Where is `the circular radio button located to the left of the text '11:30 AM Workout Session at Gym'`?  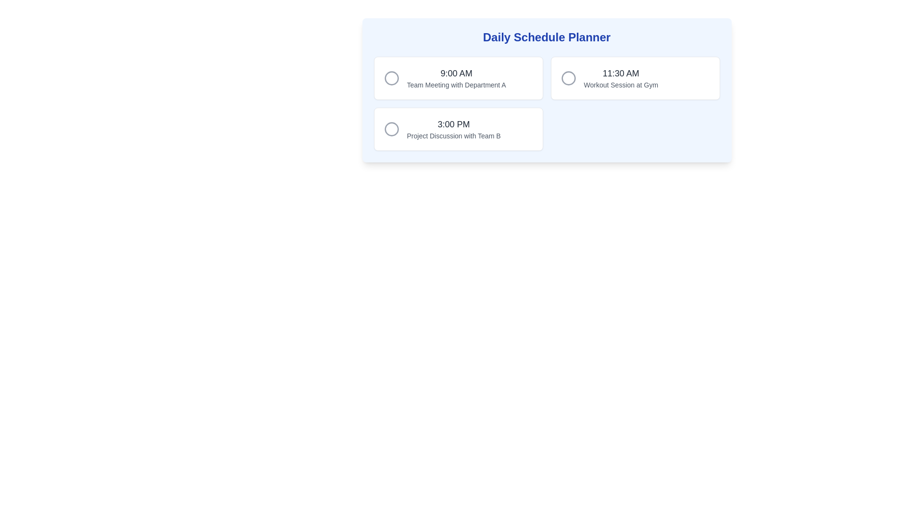
the circular radio button located to the left of the text '11:30 AM Workout Session at Gym' is located at coordinates (568, 77).